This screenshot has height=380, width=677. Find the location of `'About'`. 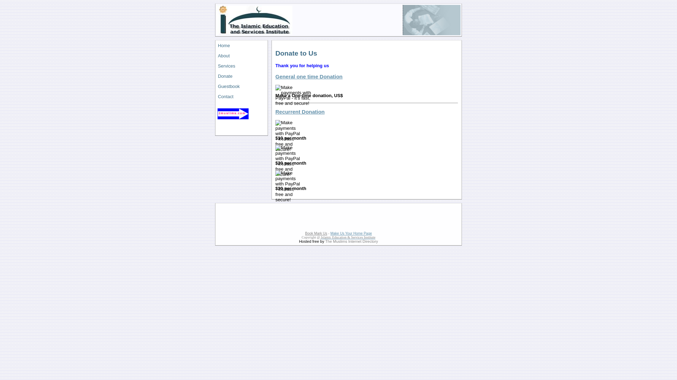

'About' is located at coordinates (242, 55).